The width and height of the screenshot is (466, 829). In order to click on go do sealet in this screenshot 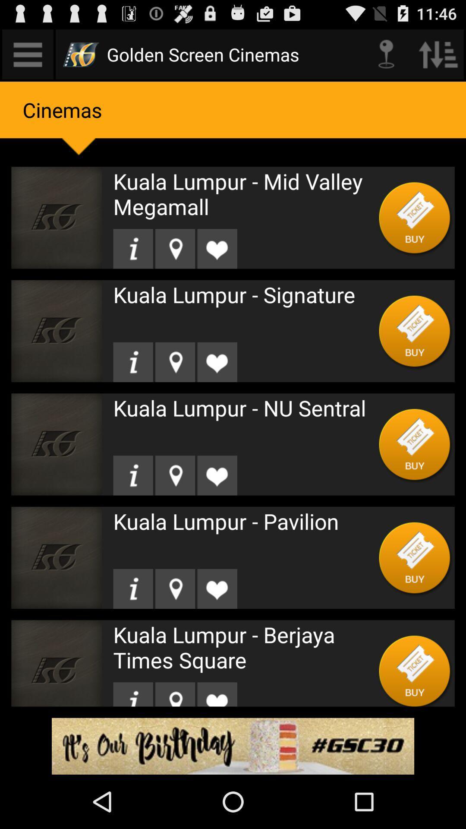, I will do `click(175, 694)`.